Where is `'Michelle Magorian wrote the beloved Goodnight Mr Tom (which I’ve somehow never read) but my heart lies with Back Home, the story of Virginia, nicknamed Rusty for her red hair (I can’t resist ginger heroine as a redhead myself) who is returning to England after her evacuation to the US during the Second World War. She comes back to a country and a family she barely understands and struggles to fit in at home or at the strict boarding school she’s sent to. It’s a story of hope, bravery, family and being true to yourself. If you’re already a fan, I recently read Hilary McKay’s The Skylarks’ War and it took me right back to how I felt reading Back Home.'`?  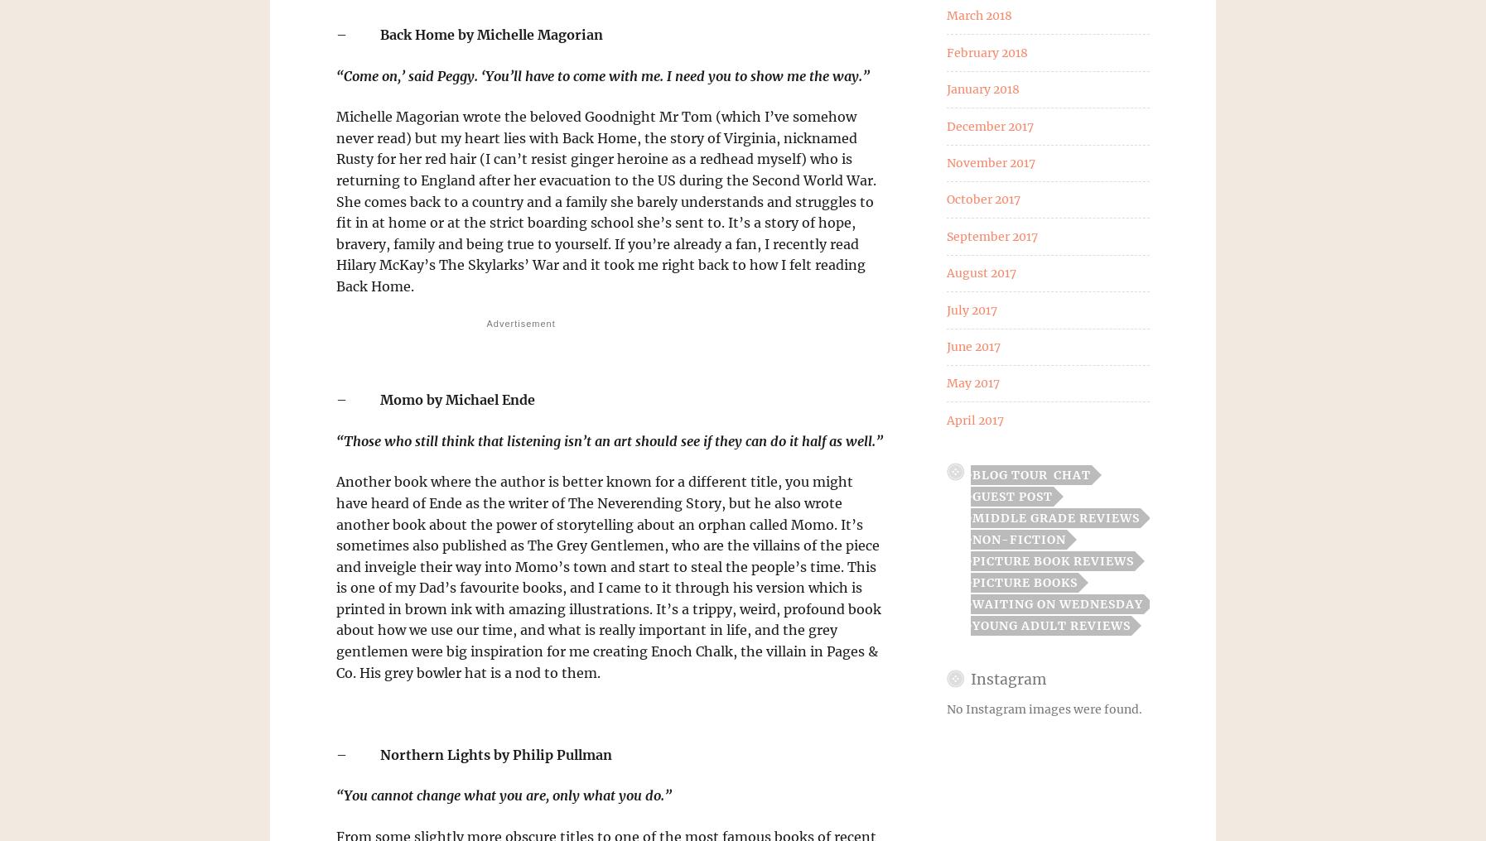
'Michelle Magorian wrote the beloved Goodnight Mr Tom (which I’ve somehow never read) but my heart lies with Back Home, the story of Virginia, nicknamed Rusty for her red hair (I can’t resist ginger heroine as a redhead myself) who is returning to England after her evacuation to the US during the Second World War. She comes back to a country and a family she barely understands and struggles to fit in at home or at the strict boarding school she’s sent to. It’s a story of hope, bravery, family and being true to yourself. If you’re already a fan, I recently read Hilary McKay’s The Skylarks’ War and it took me right back to how I felt reading Back Home.' is located at coordinates (605, 201).